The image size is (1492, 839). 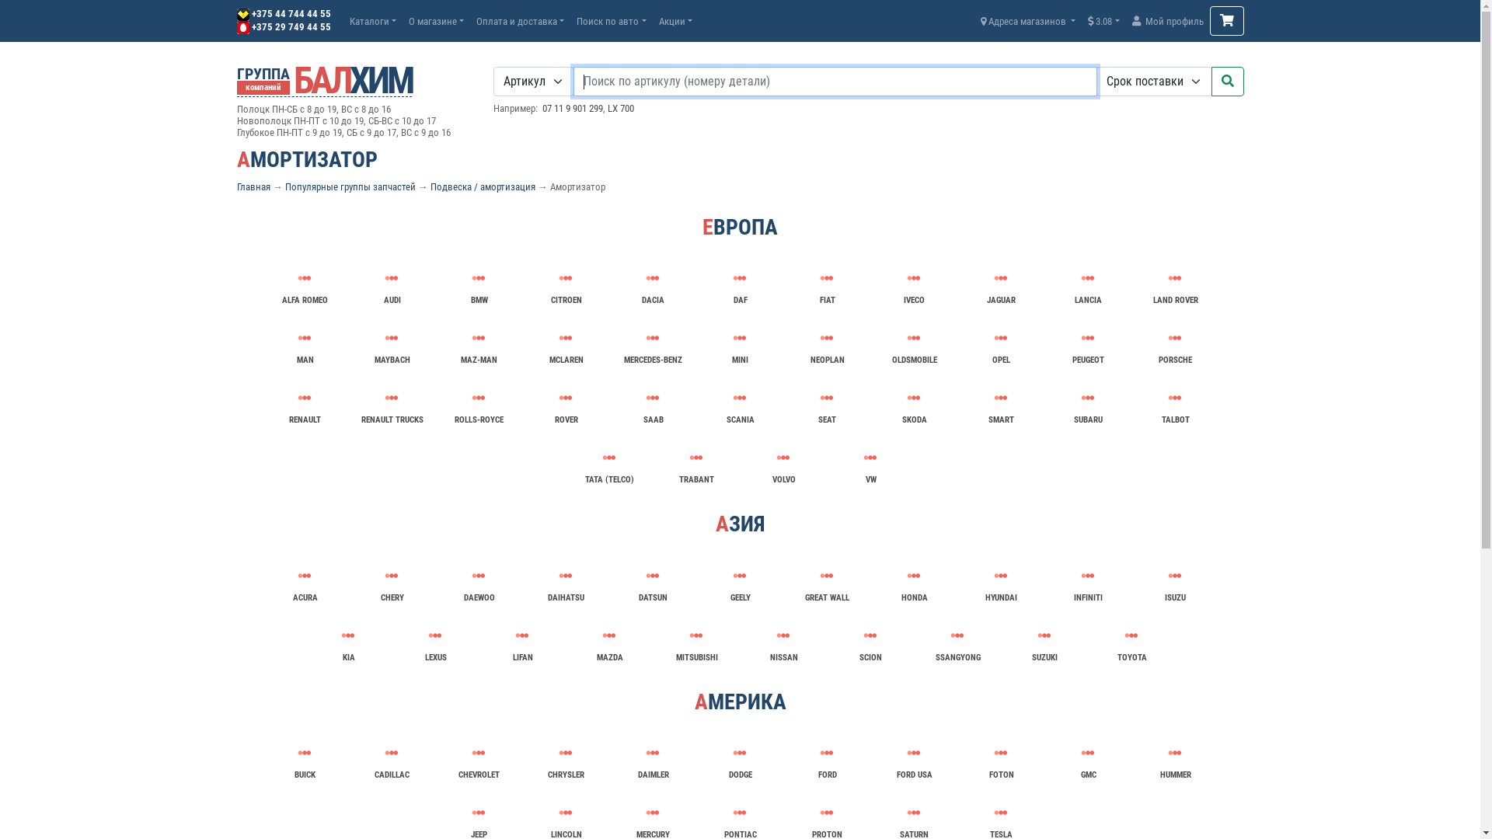 What do you see at coordinates (565, 284) in the screenshot?
I see `'CITROEN'` at bounding box center [565, 284].